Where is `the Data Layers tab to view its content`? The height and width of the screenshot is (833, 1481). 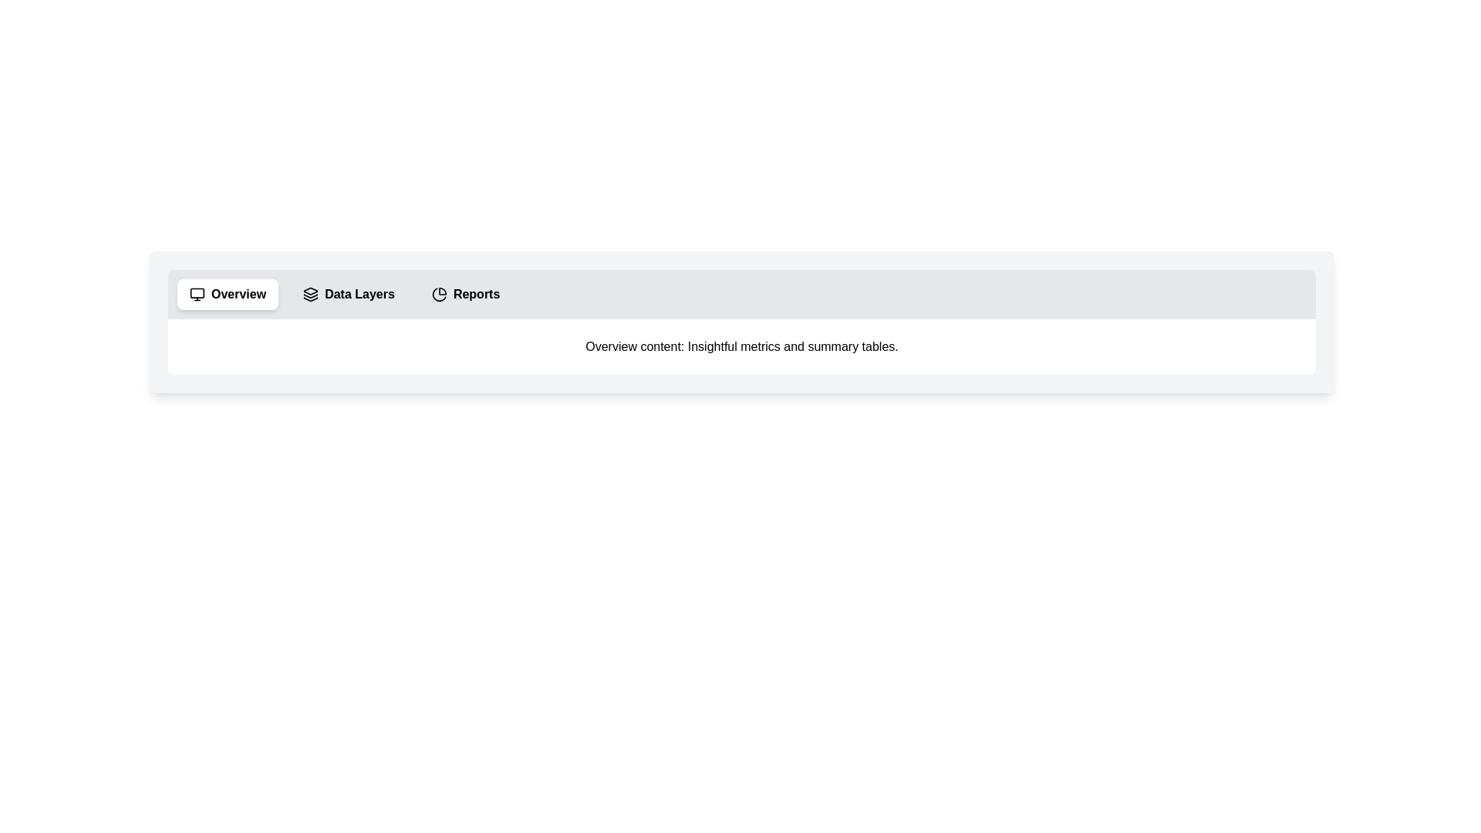 the Data Layers tab to view its content is located at coordinates (348, 294).